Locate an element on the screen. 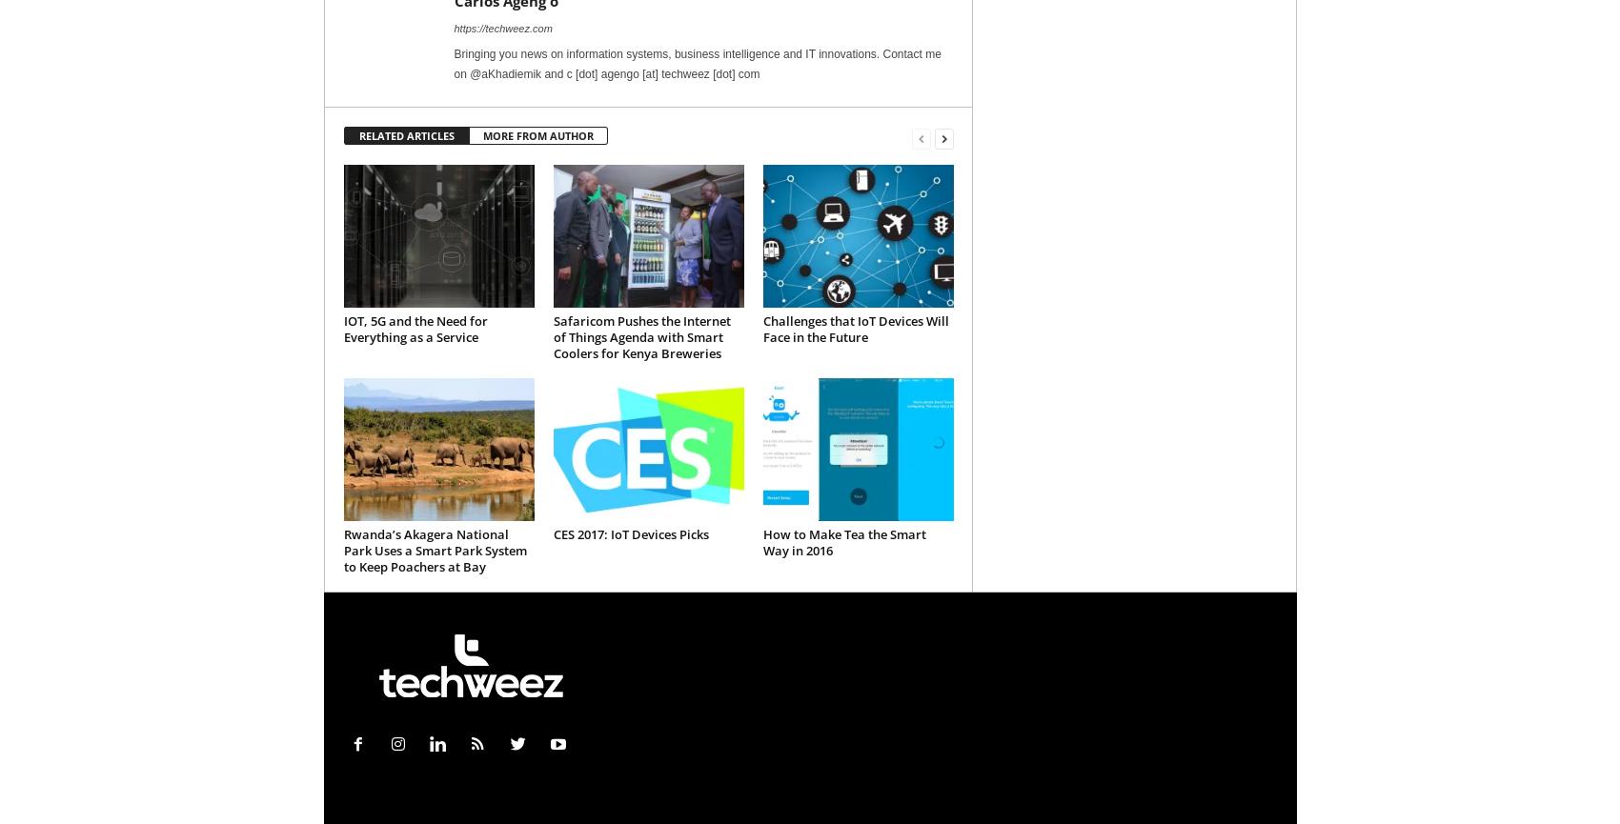 This screenshot has width=1620, height=824. 'https://techweez.com' is located at coordinates (502, 29).